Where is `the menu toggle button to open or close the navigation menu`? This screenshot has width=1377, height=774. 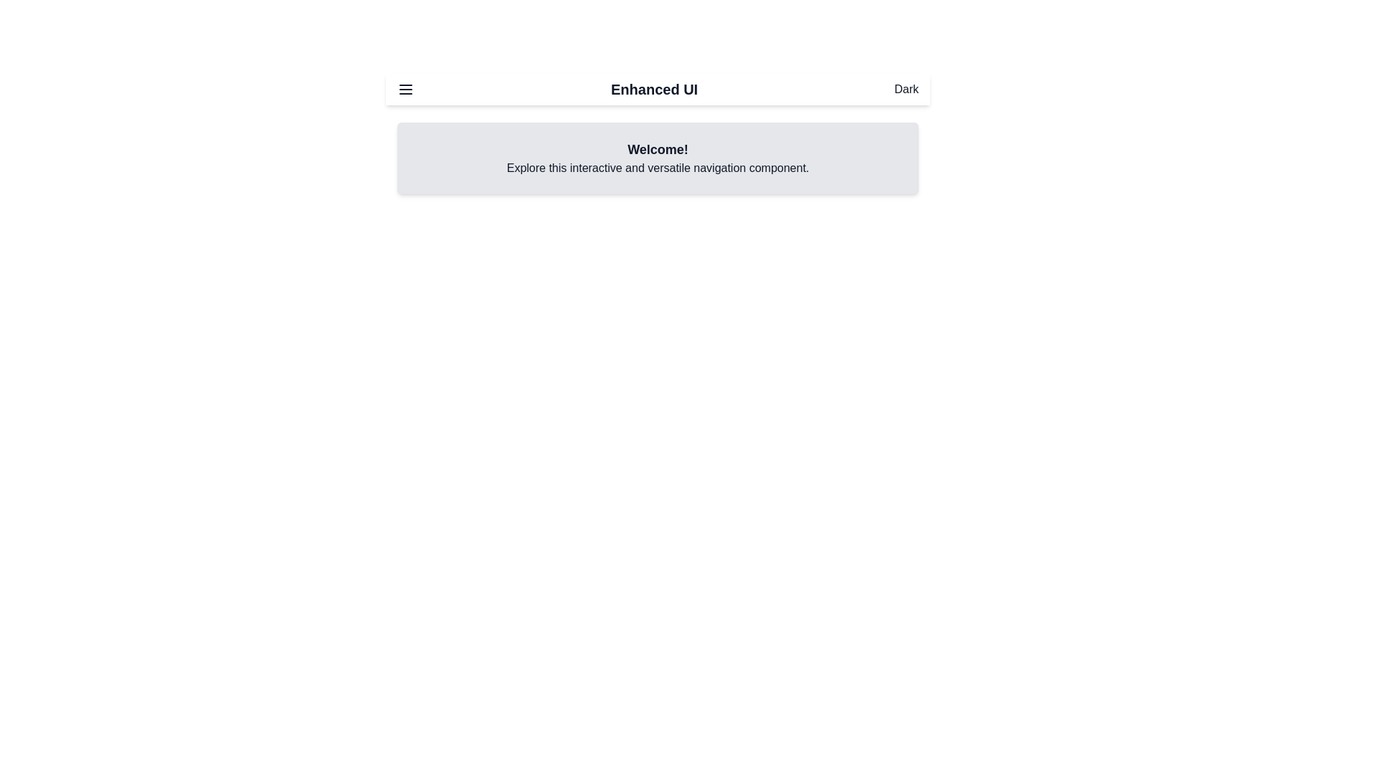 the menu toggle button to open or close the navigation menu is located at coordinates (405, 89).